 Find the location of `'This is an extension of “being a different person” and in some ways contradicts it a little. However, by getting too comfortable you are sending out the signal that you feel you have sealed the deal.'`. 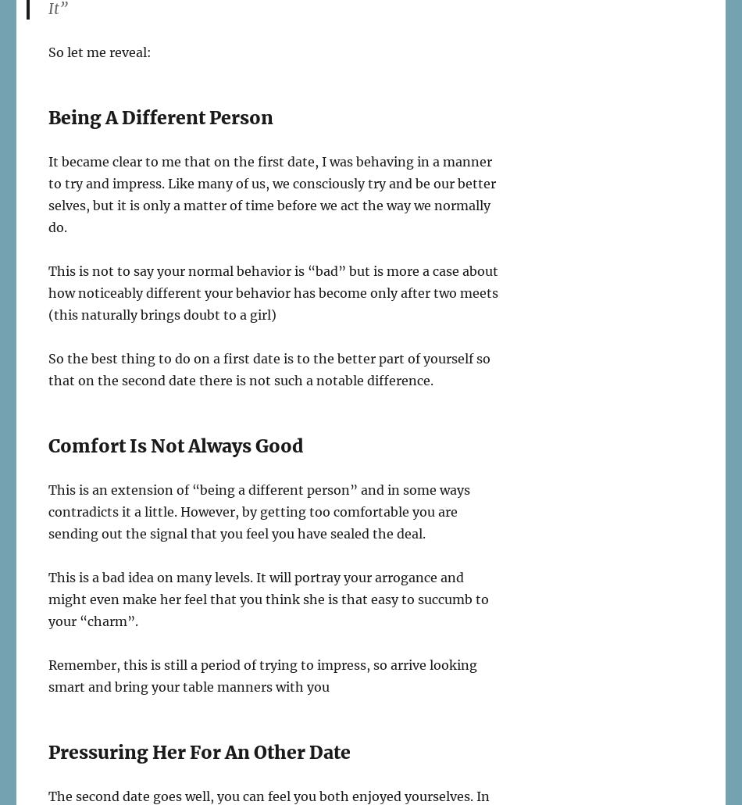

'This is an extension of “being a different person” and in some ways contradicts it a little. However, by getting too comfortable you are sending out the signal that you feel you have sealed the deal.' is located at coordinates (48, 510).